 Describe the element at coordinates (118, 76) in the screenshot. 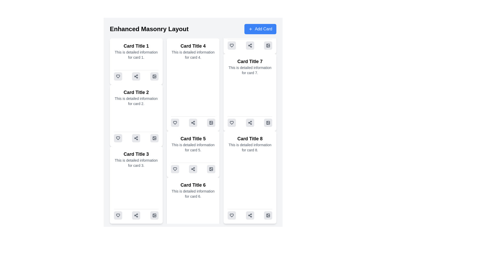

I see `the heart-shaped icon with a black outline located in 'Card Title 2'` at that location.